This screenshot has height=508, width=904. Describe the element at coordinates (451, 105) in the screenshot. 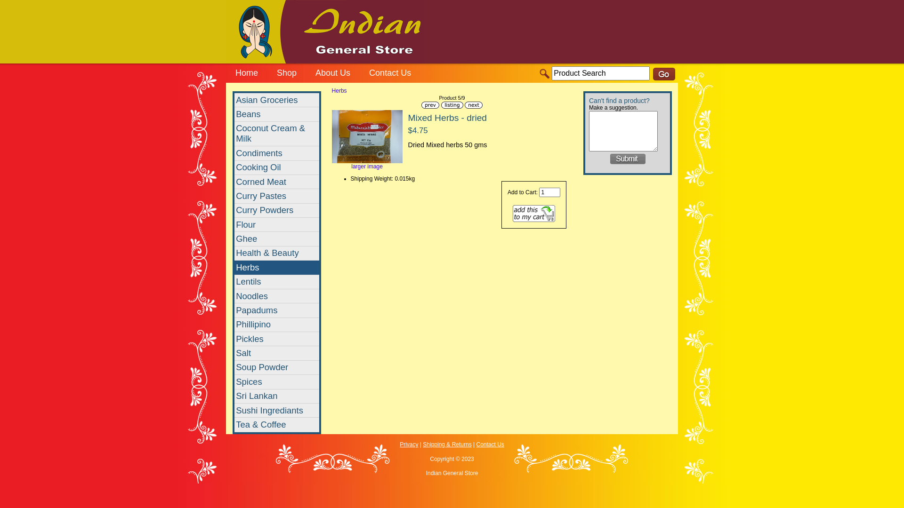

I see `' Return to the Product List '` at that location.